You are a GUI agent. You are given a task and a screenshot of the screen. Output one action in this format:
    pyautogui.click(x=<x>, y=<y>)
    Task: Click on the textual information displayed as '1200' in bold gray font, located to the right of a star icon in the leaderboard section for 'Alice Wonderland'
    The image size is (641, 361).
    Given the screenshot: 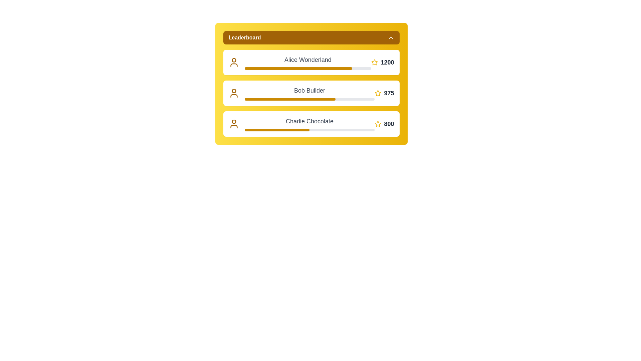 What is the action you would take?
    pyautogui.click(x=383, y=62)
    